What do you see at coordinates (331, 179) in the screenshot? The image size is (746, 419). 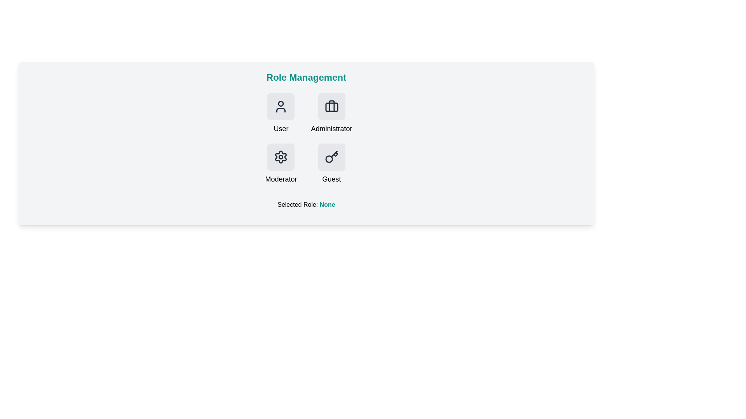 I see `the static text label indicating the 'Guest' role, which is located below the key icon in the lower-right quadrant of the layout` at bounding box center [331, 179].